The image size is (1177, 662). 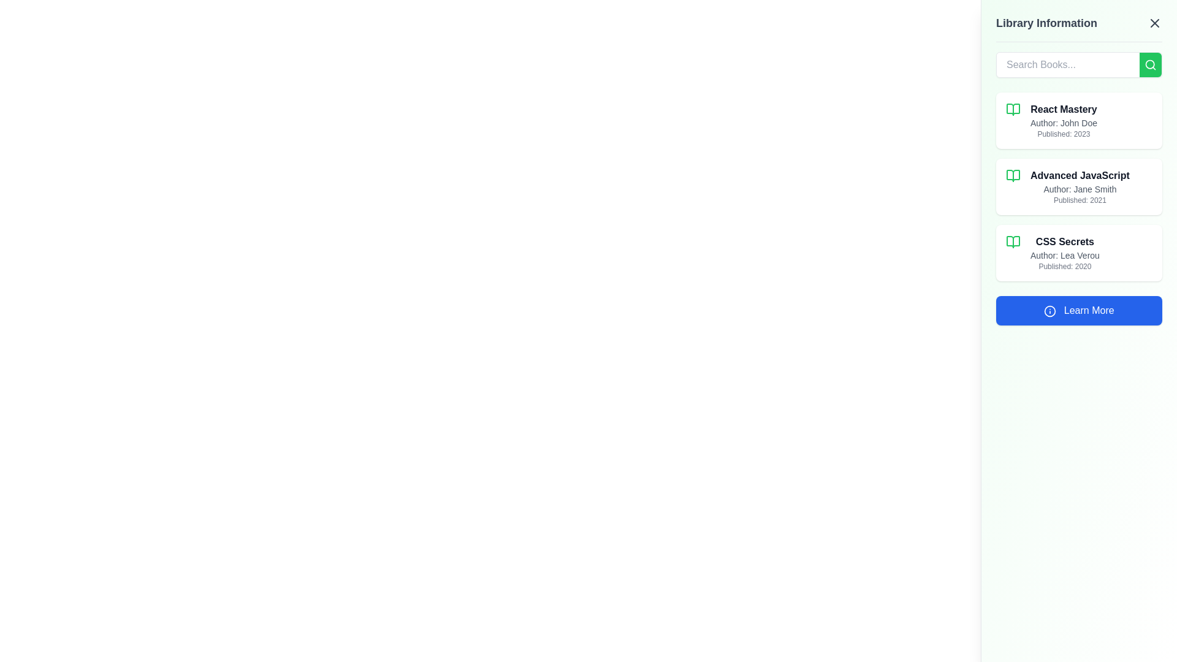 What do you see at coordinates (1063, 120) in the screenshot?
I see `informational text block containing the book's title 'React Mastery', author 'John Doe', and publication year '2023', located beneath the search bar and next to the green book icon in the 'Library Information' panel` at bounding box center [1063, 120].